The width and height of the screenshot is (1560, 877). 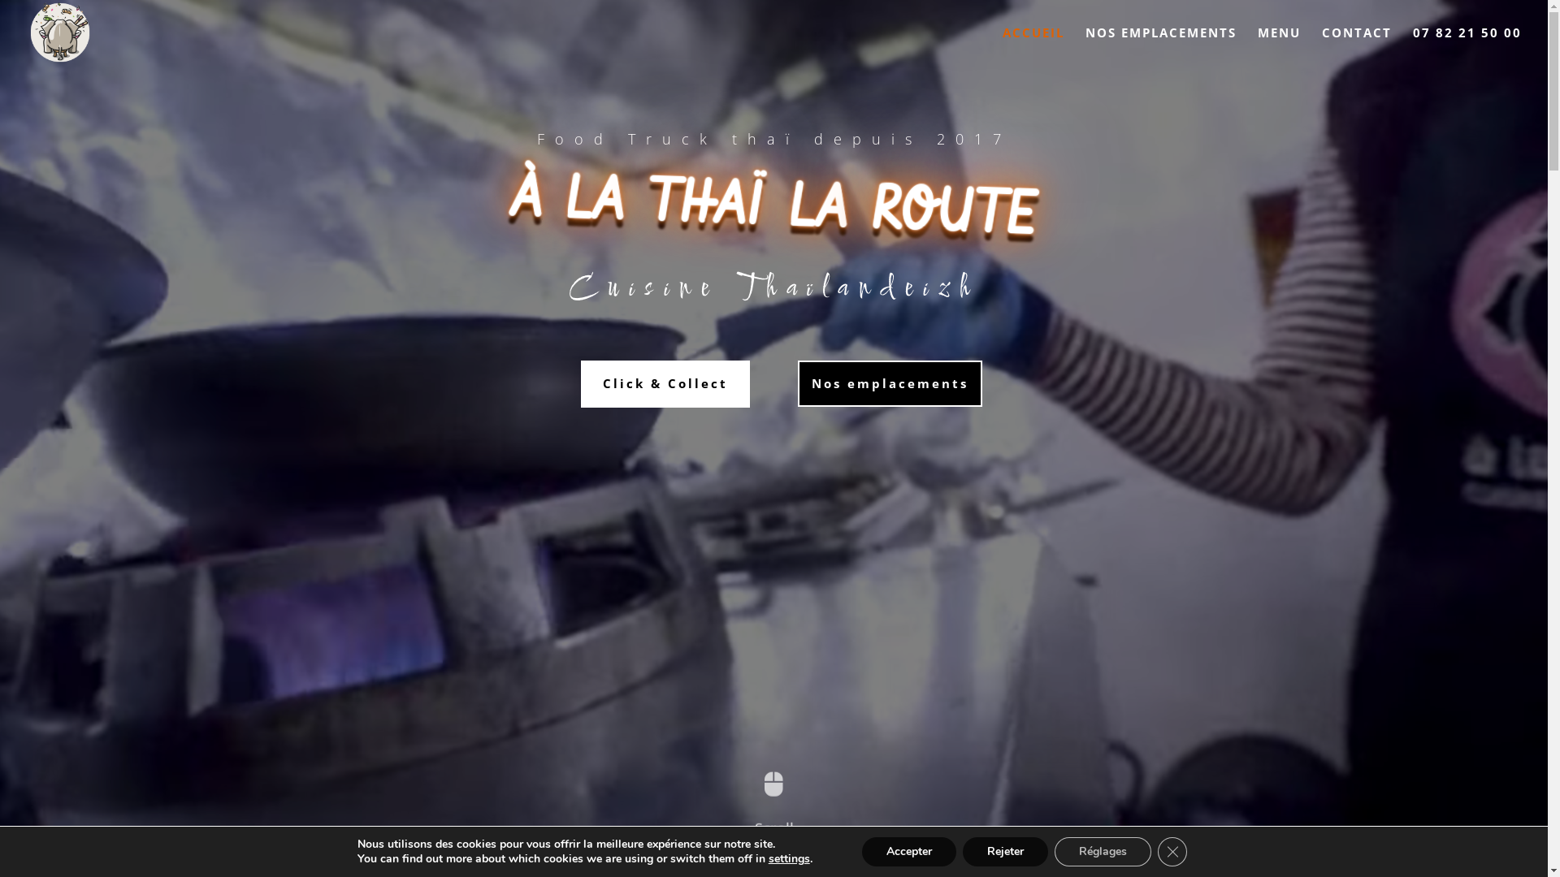 What do you see at coordinates (963, 851) in the screenshot?
I see `'Rejeter'` at bounding box center [963, 851].